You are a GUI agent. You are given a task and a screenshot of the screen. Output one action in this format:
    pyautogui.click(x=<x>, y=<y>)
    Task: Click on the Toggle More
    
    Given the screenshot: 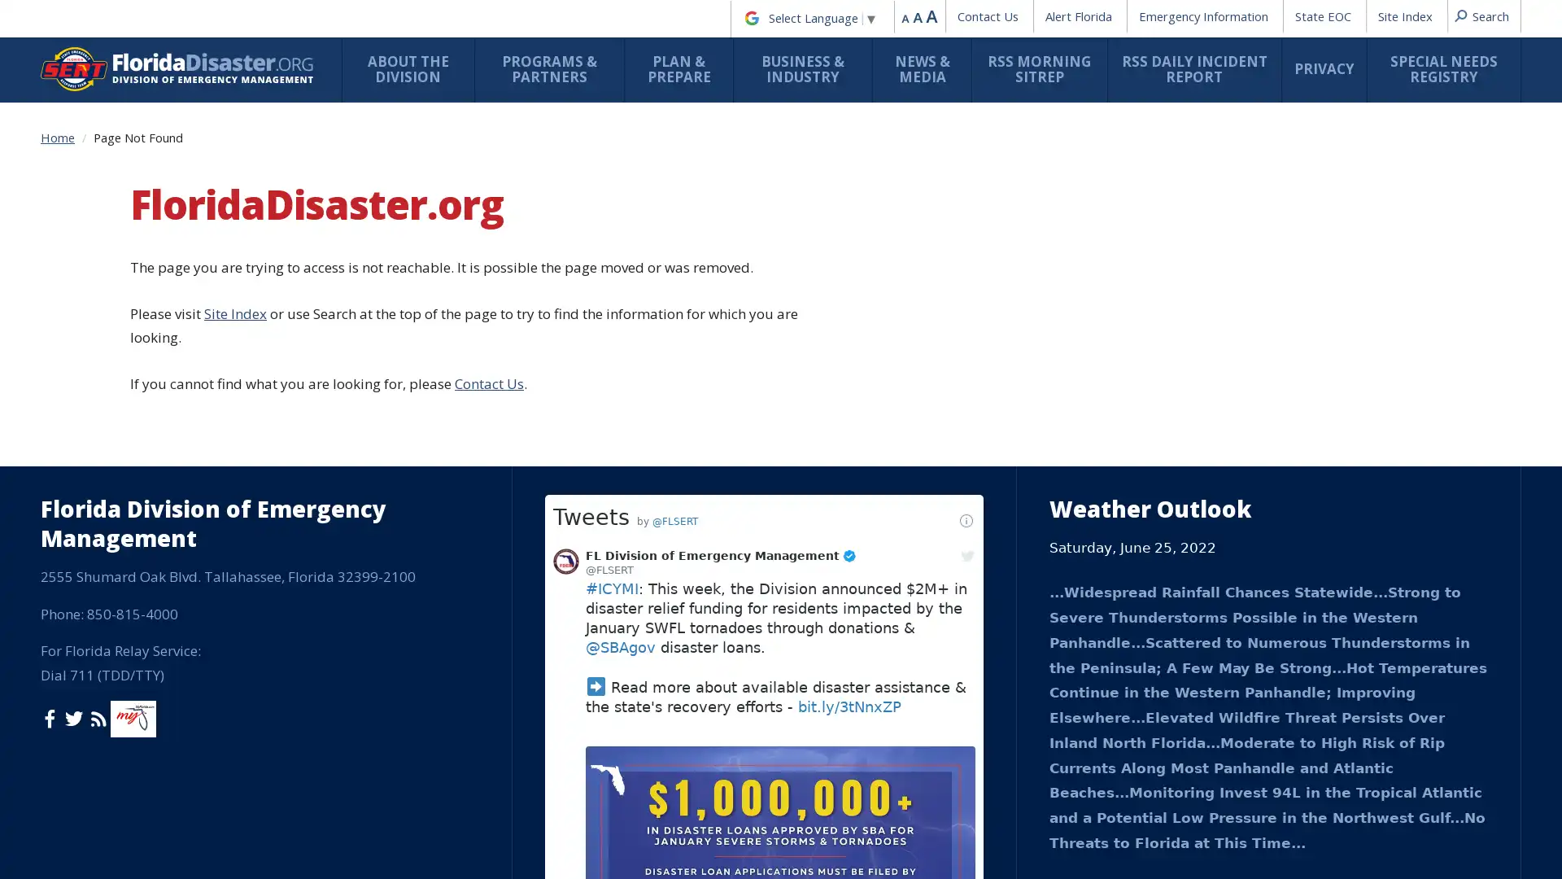 What is the action you would take?
    pyautogui.click(x=488, y=549)
    